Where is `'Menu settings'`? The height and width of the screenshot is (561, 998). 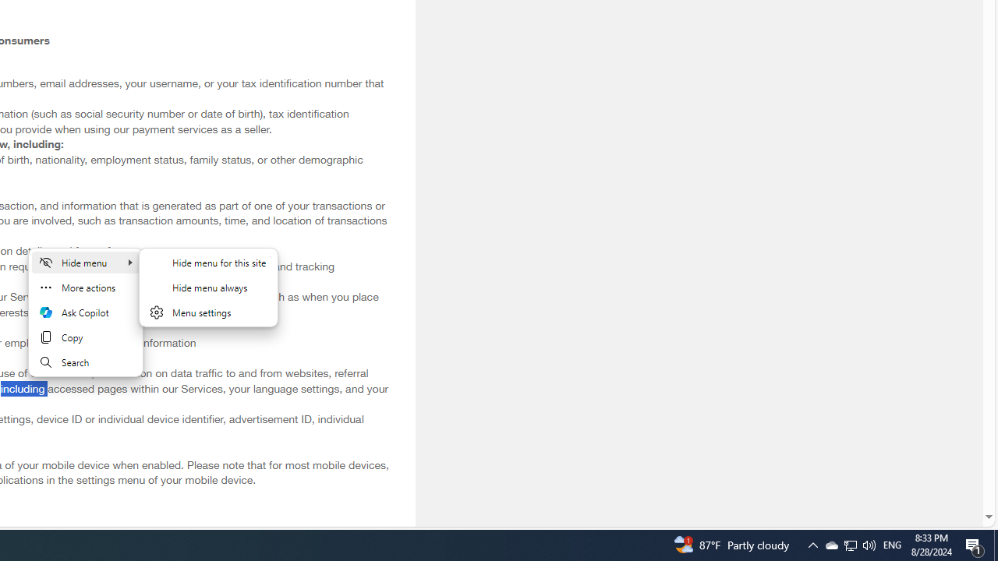 'Menu settings' is located at coordinates (207, 312).